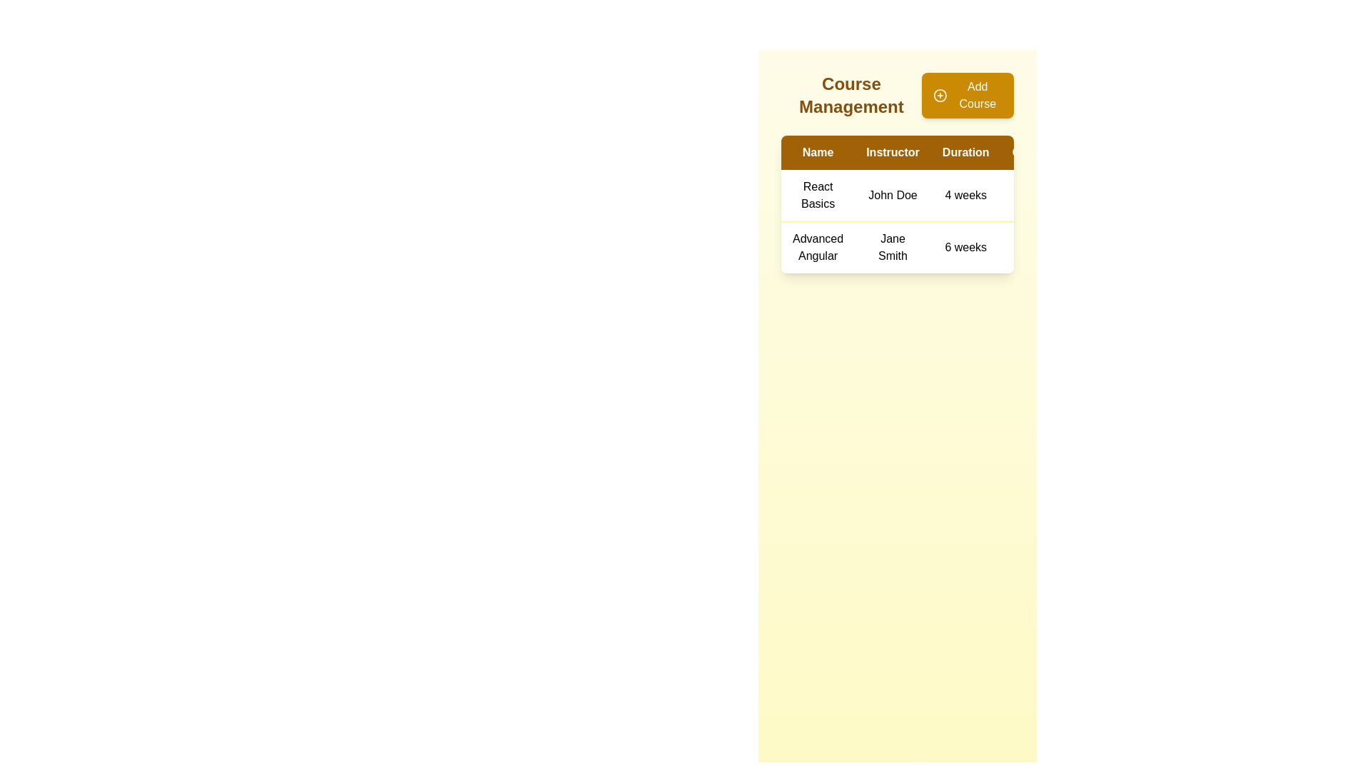  I want to click on the second row in the data table, which contains 'Advanced Angular', 'Jane Smith', '6 weeks', and '20', so click(958, 246).